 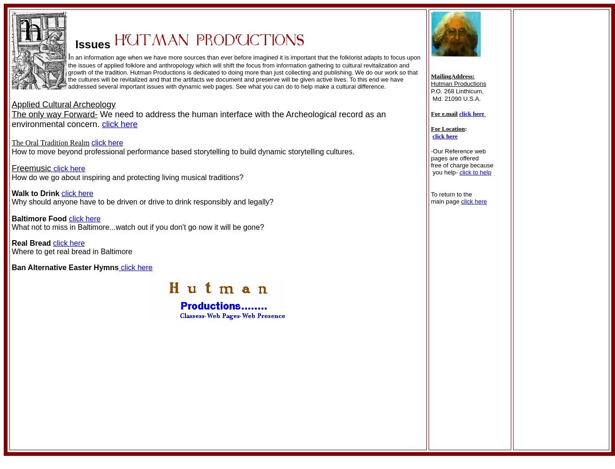 What do you see at coordinates (12, 202) in the screenshot?
I see `'Why should anyone have to be driven or drive to drink responsibly and 
      legally?'` at bounding box center [12, 202].